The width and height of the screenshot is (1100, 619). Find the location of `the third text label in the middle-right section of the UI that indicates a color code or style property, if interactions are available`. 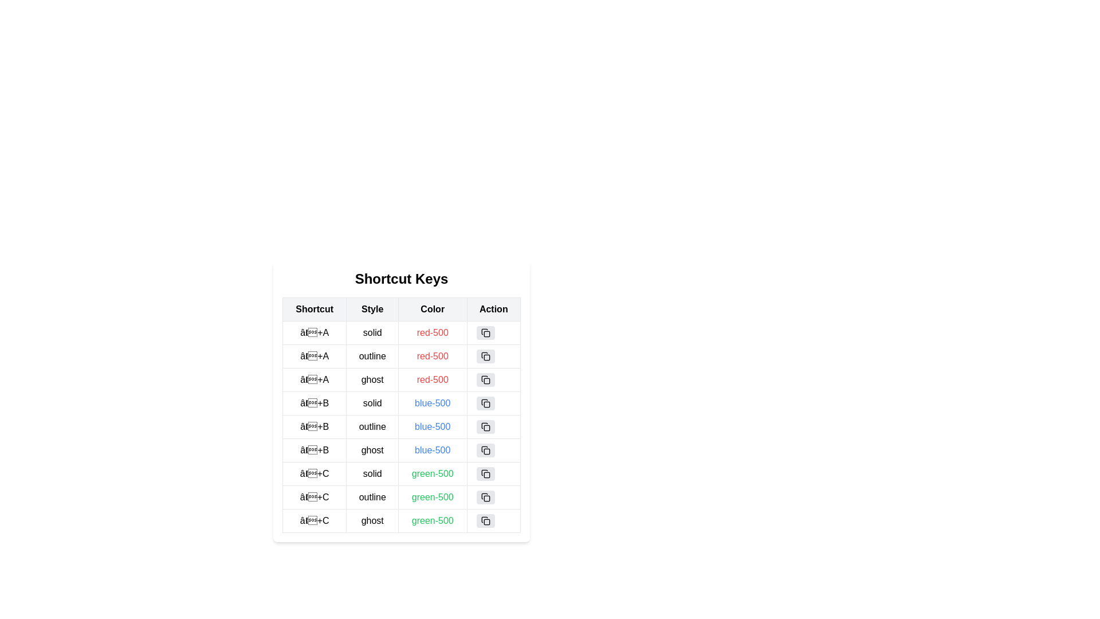

the third text label in the middle-right section of the UI that indicates a color code or style property, if interactions are available is located at coordinates (431, 355).